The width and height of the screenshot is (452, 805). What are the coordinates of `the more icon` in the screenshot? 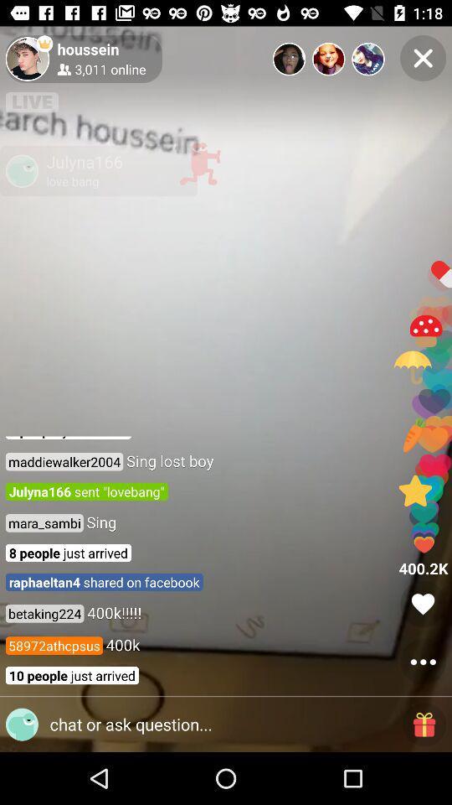 It's located at (422, 662).